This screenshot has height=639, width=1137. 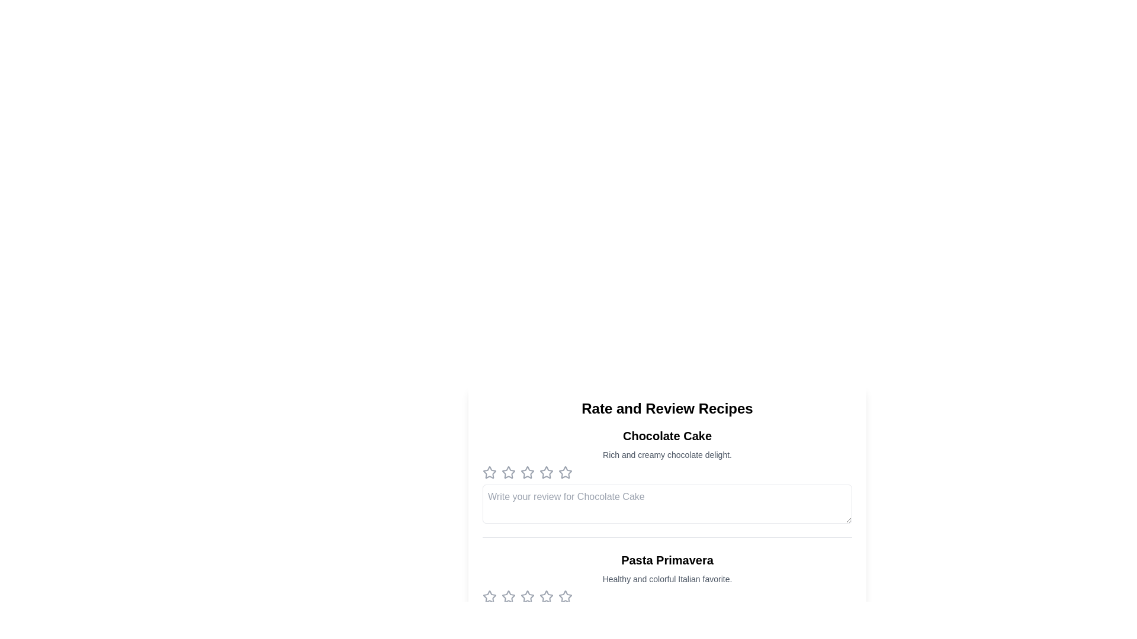 What do you see at coordinates (667, 454) in the screenshot?
I see `the Text Label that reads 'Rich and creamy chocolate delight.' which is positioned beneath the title 'Chocolate Cake.'` at bounding box center [667, 454].